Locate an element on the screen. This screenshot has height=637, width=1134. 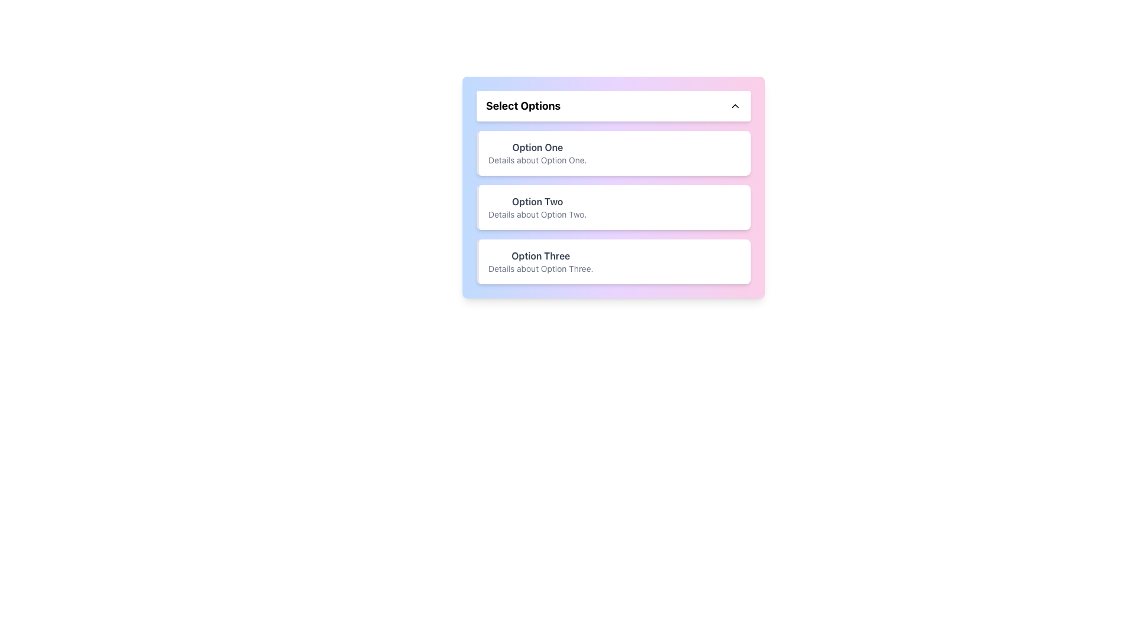
the text label representing the title of the first selectable item in the 'Select Options' list is located at coordinates (537, 147).